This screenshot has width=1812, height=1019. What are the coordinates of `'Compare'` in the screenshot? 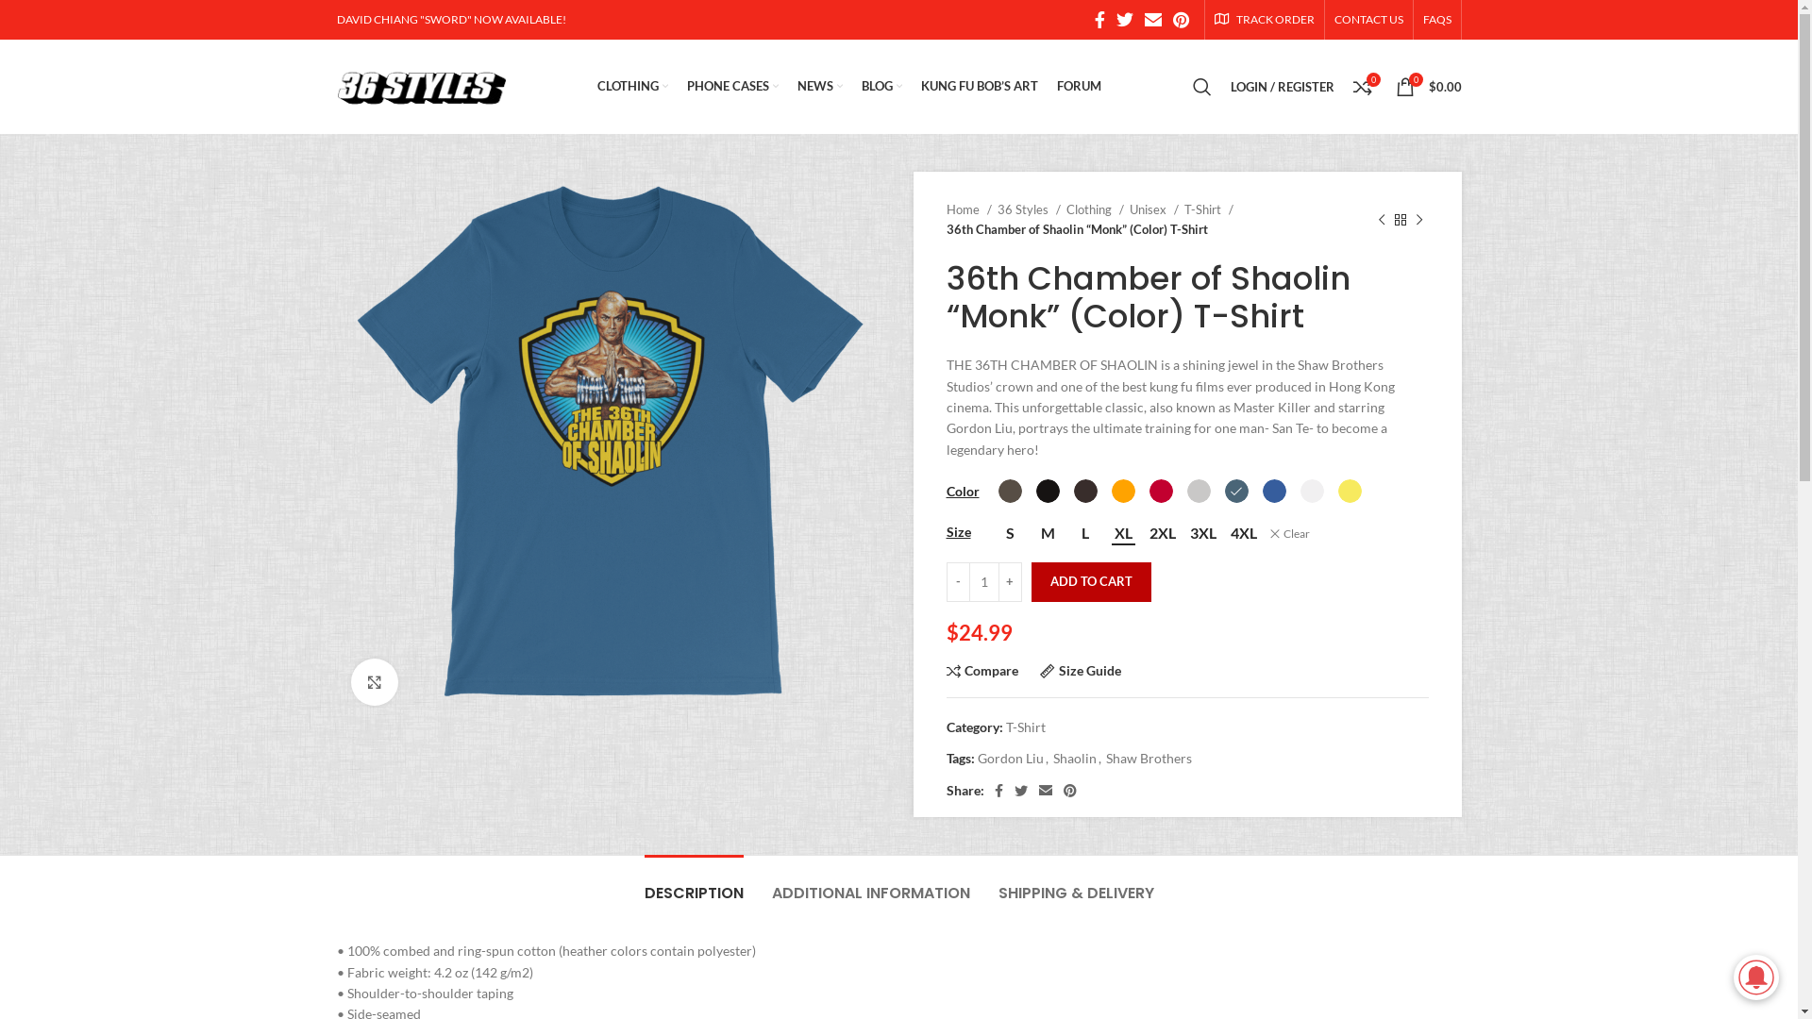 It's located at (981, 670).